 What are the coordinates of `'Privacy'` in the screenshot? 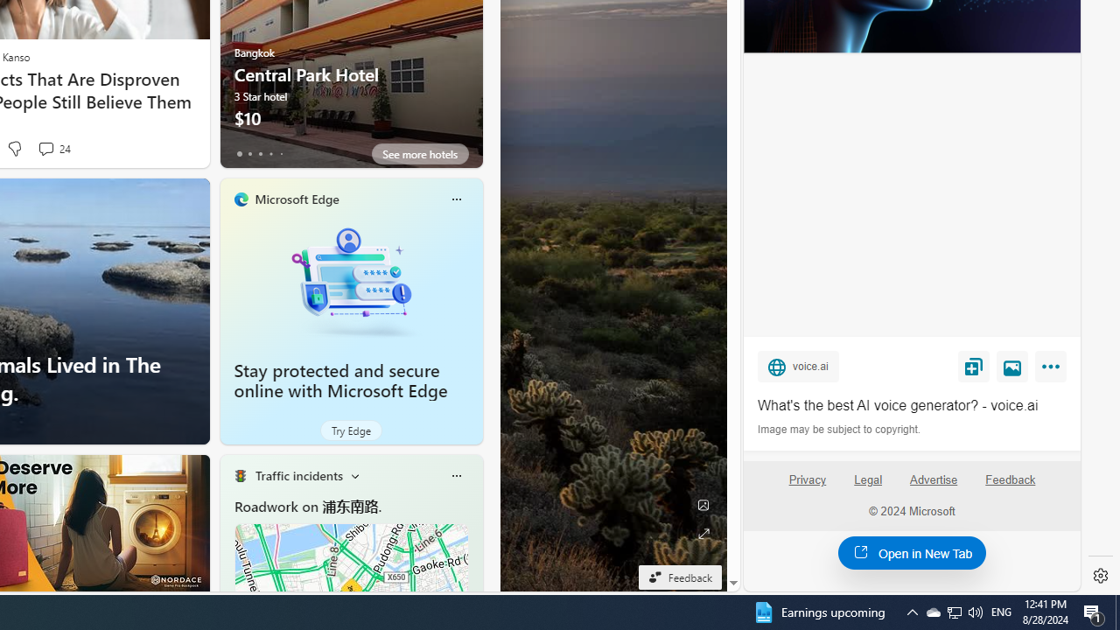 It's located at (806, 487).